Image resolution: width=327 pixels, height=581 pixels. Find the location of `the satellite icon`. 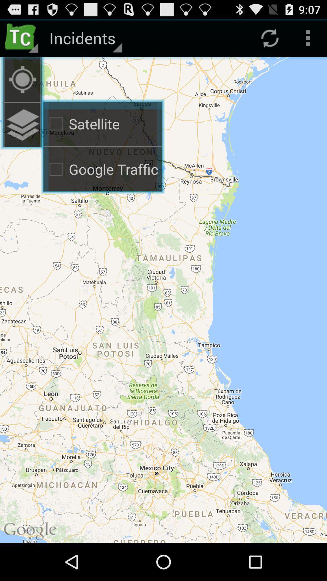

the satellite icon is located at coordinates (102, 123).